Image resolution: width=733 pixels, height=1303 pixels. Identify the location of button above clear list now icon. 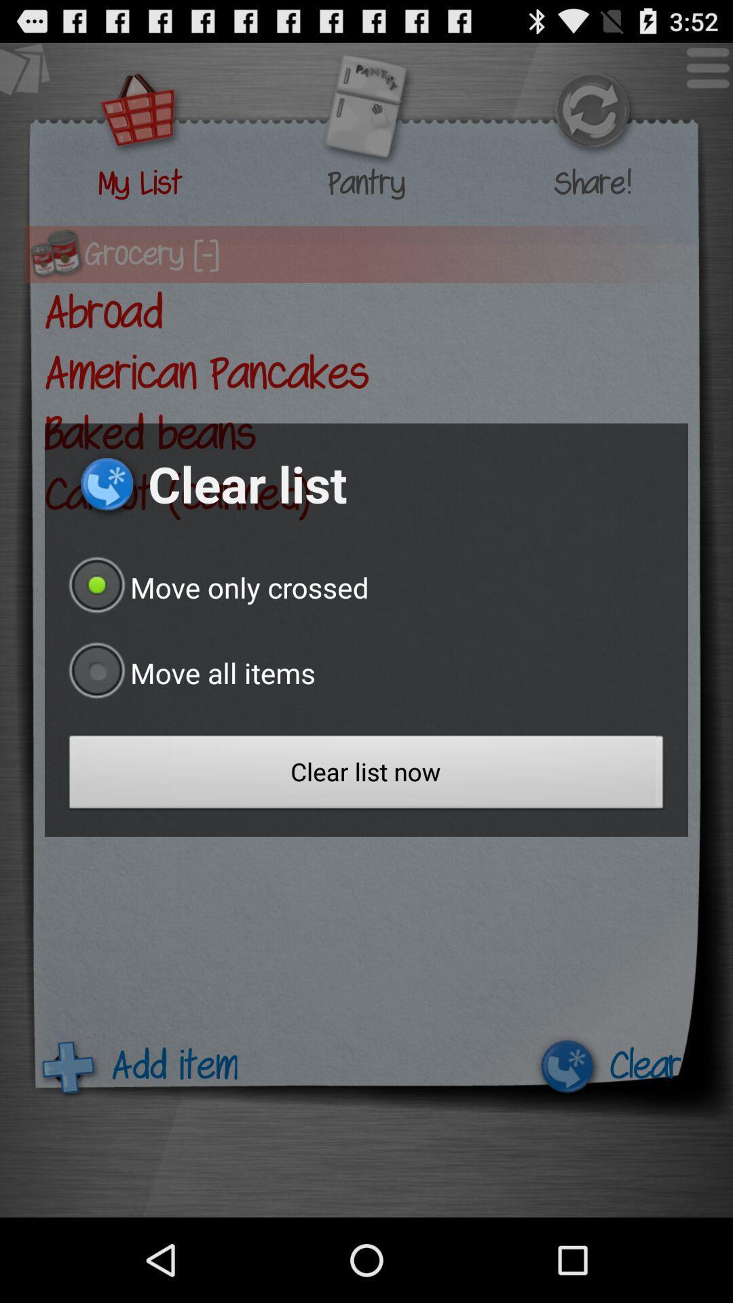
(189, 673).